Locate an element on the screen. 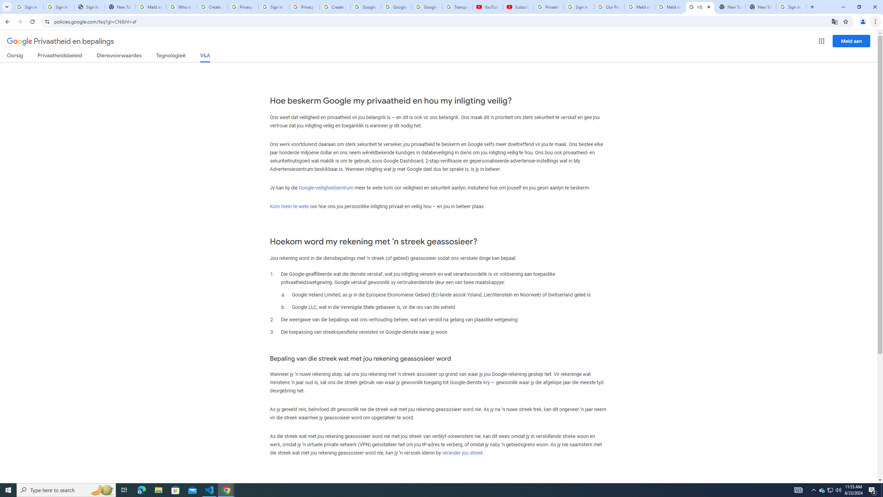 This screenshot has width=883, height=497. 'New Tab' is located at coordinates (761, 7).